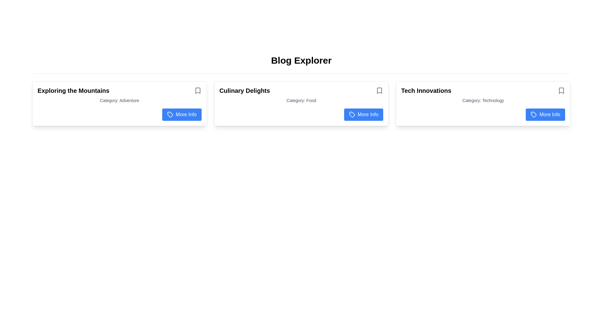  I want to click on the centered title 'Blog Explorer' which is styled in bold and large font, located at the top of the content section, so click(301, 64).